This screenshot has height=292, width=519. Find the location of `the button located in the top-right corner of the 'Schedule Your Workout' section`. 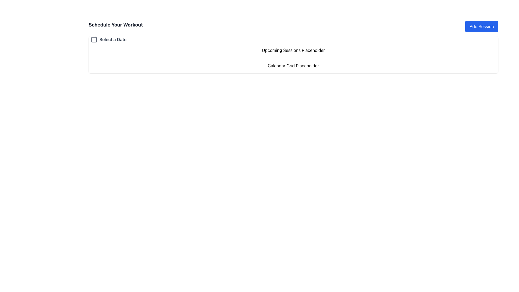

the button located in the top-right corner of the 'Schedule Your Workout' section is located at coordinates (482, 26).